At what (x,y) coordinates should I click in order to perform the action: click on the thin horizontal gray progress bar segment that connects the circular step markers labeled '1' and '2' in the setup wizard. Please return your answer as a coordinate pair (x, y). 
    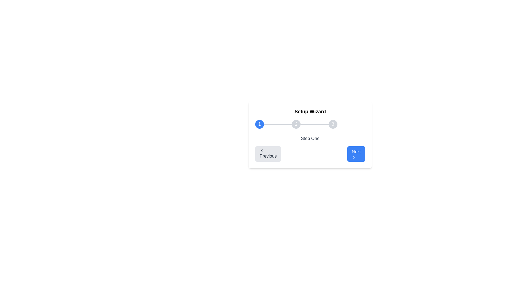
    Looking at the image, I should click on (278, 124).